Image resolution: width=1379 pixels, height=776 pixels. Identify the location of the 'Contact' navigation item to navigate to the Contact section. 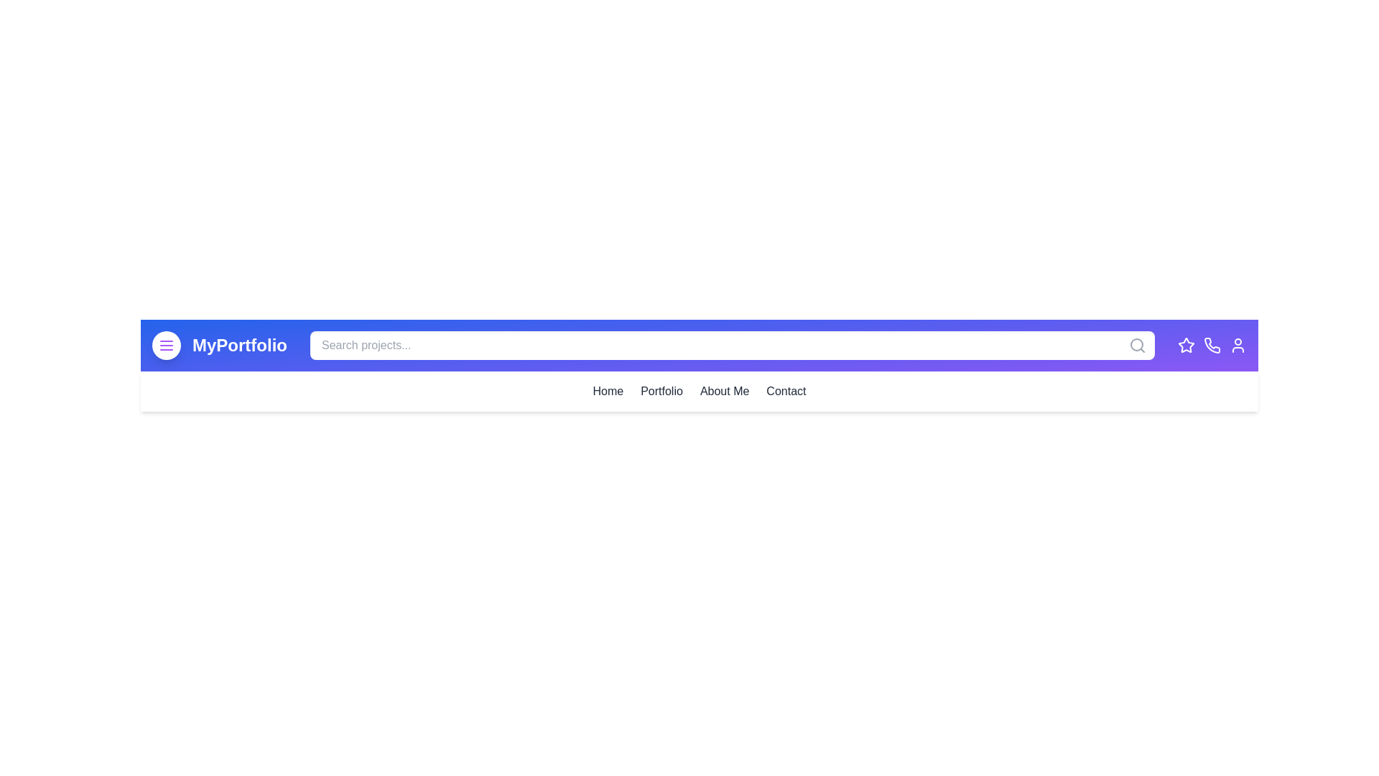
(785, 391).